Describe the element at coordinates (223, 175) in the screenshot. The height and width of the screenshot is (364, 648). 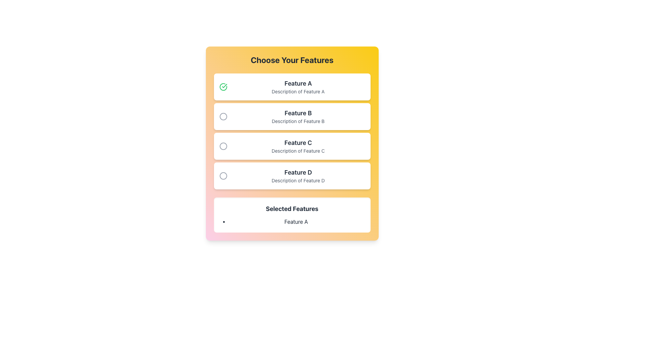
I see `the circular outline icon within the 'Feature D' option, which is visually identified by its gray color and noticeable width` at that location.